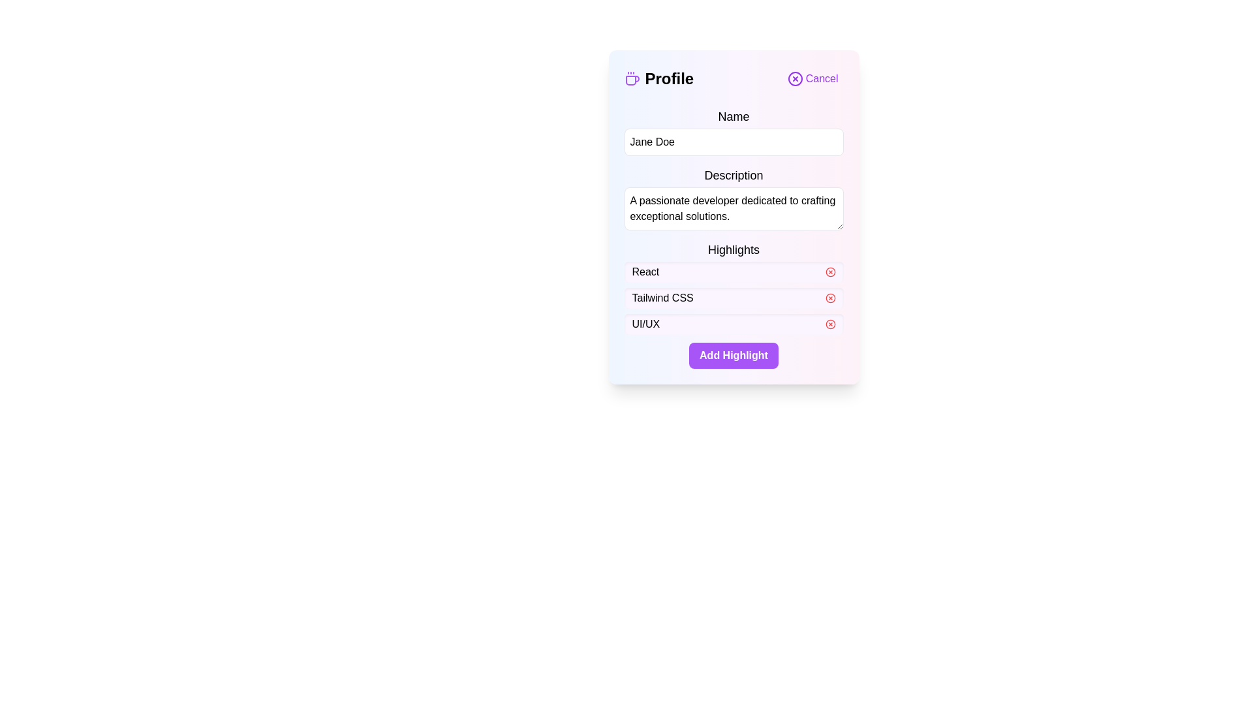 The image size is (1253, 705). What do you see at coordinates (734, 116) in the screenshot?
I see `the Text Label that serves as a contextual hint for the text input field below it, which contains the value 'Jane Doe'` at bounding box center [734, 116].